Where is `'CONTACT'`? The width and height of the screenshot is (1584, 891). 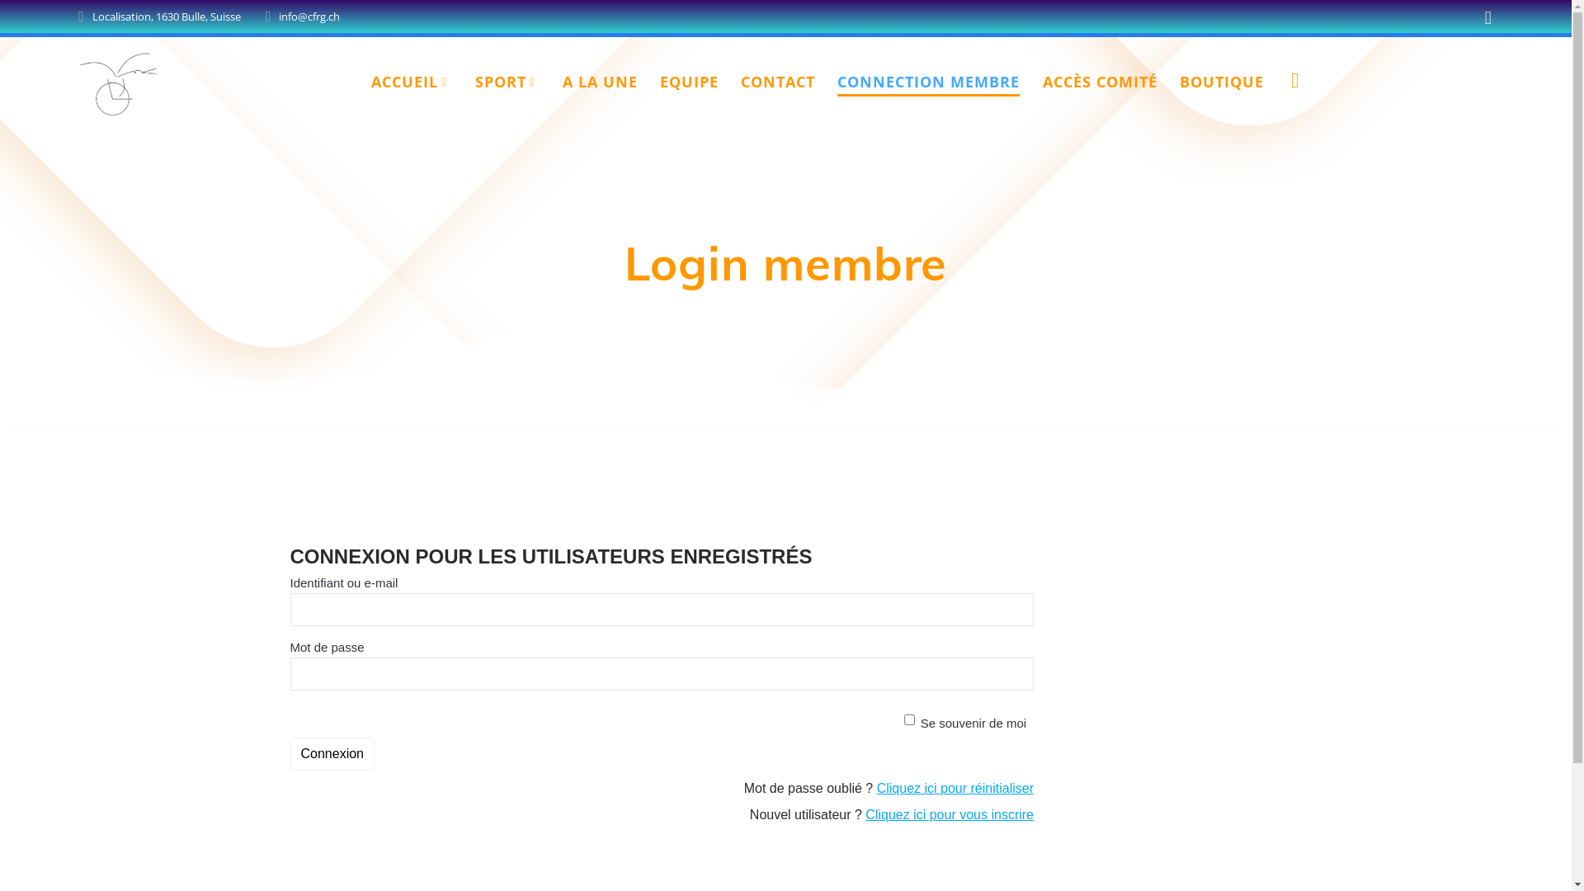
'CONTACT' is located at coordinates (776, 82).